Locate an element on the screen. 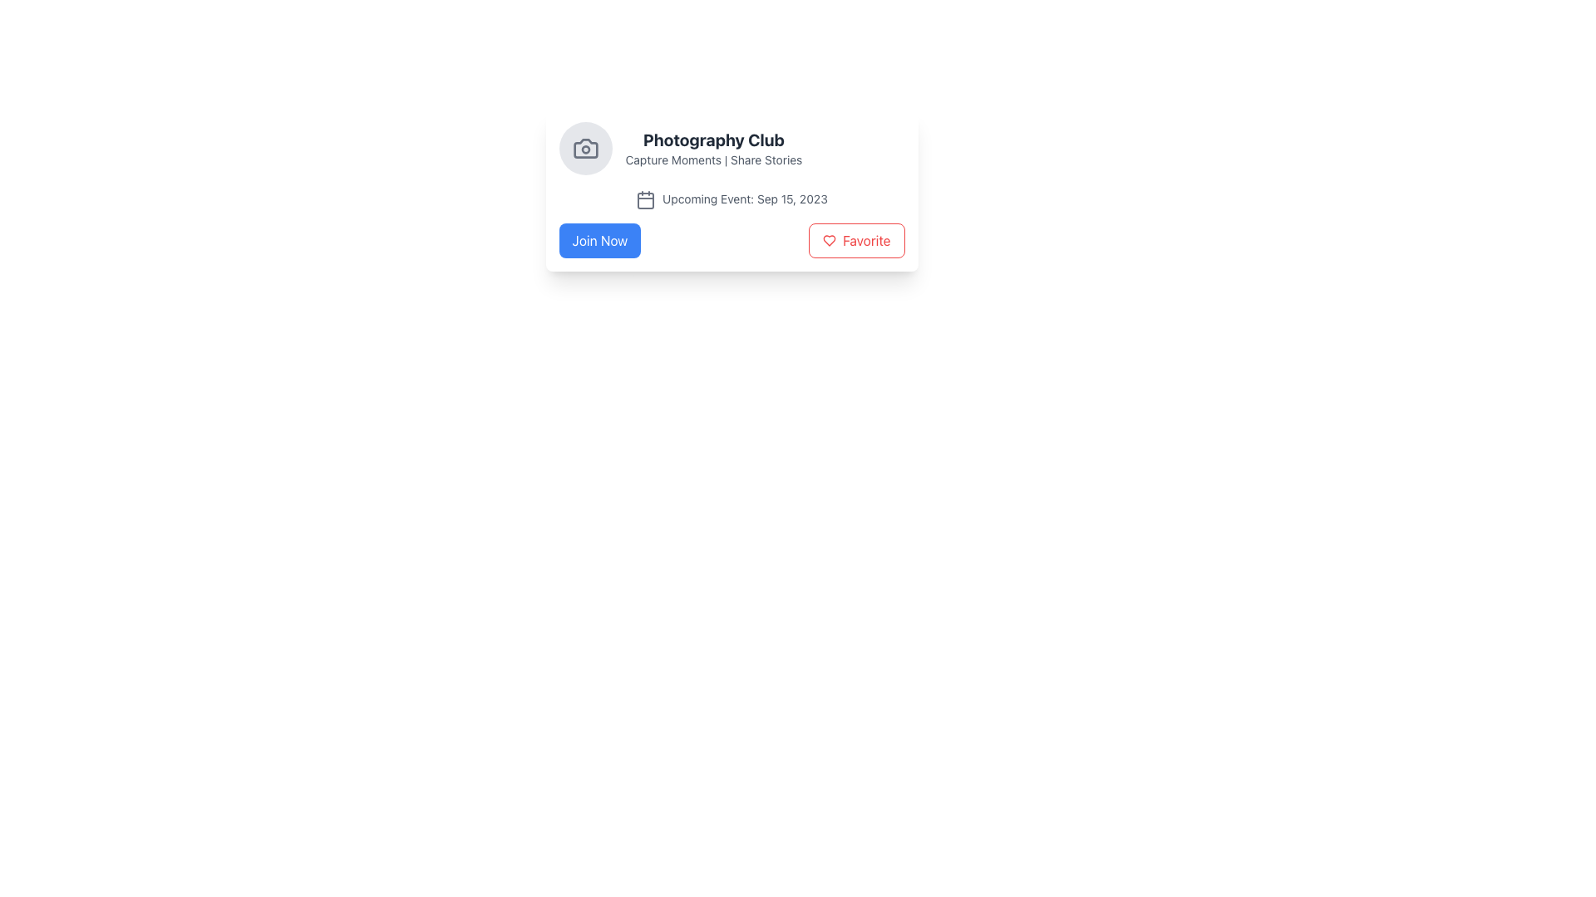 This screenshot has height=897, width=1596. the text label reading 'Capture Moments | Share Stories', which is styled in a small gray font and positioned below the 'Photography Club' title is located at coordinates (713, 159).